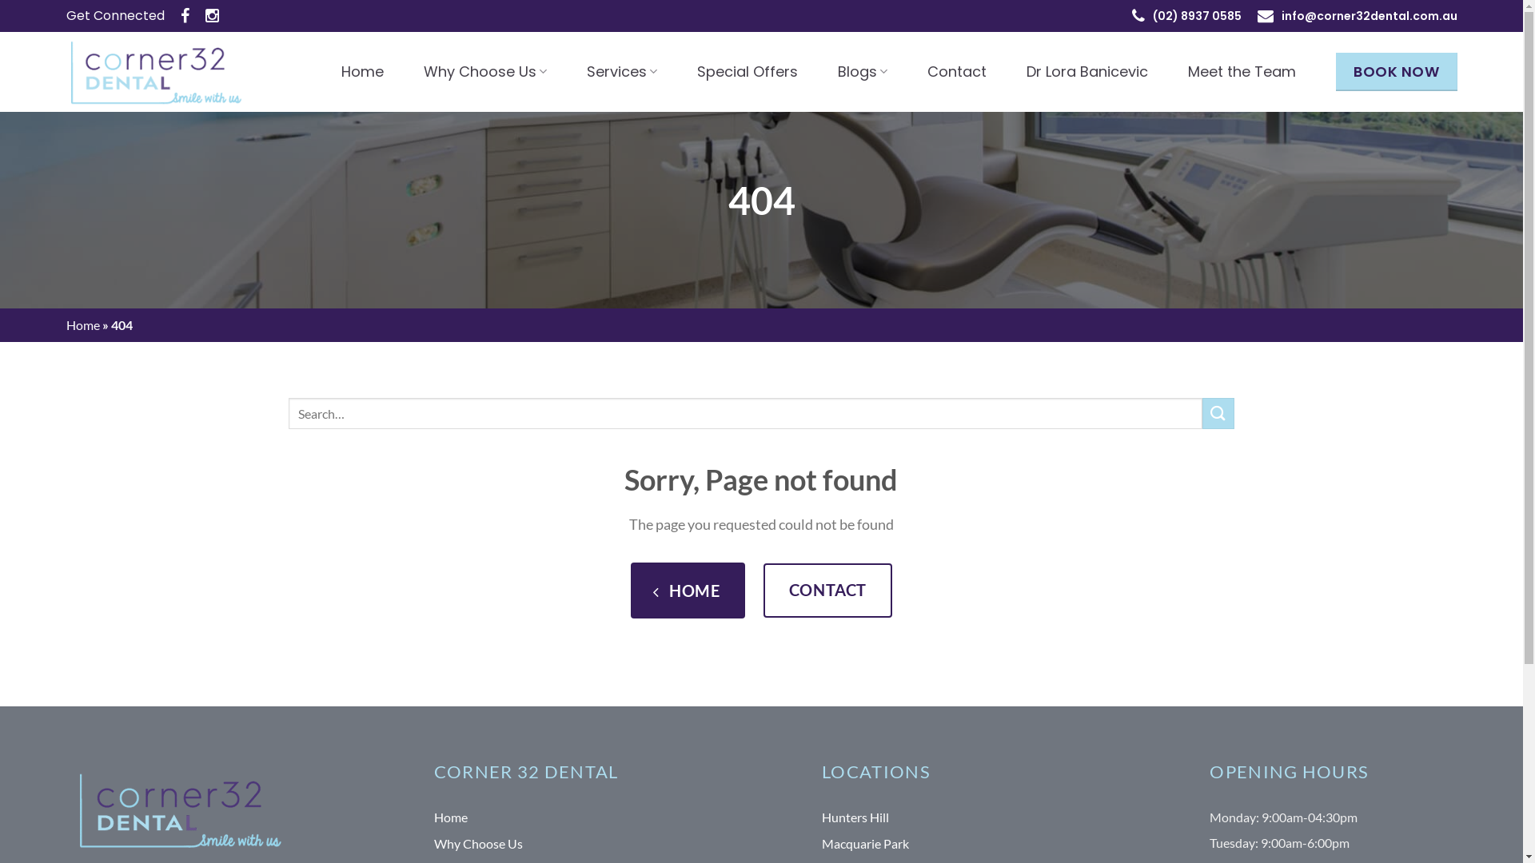 This screenshot has height=863, width=1535. Describe the element at coordinates (450, 817) in the screenshot. I see `'Home'` at that location.